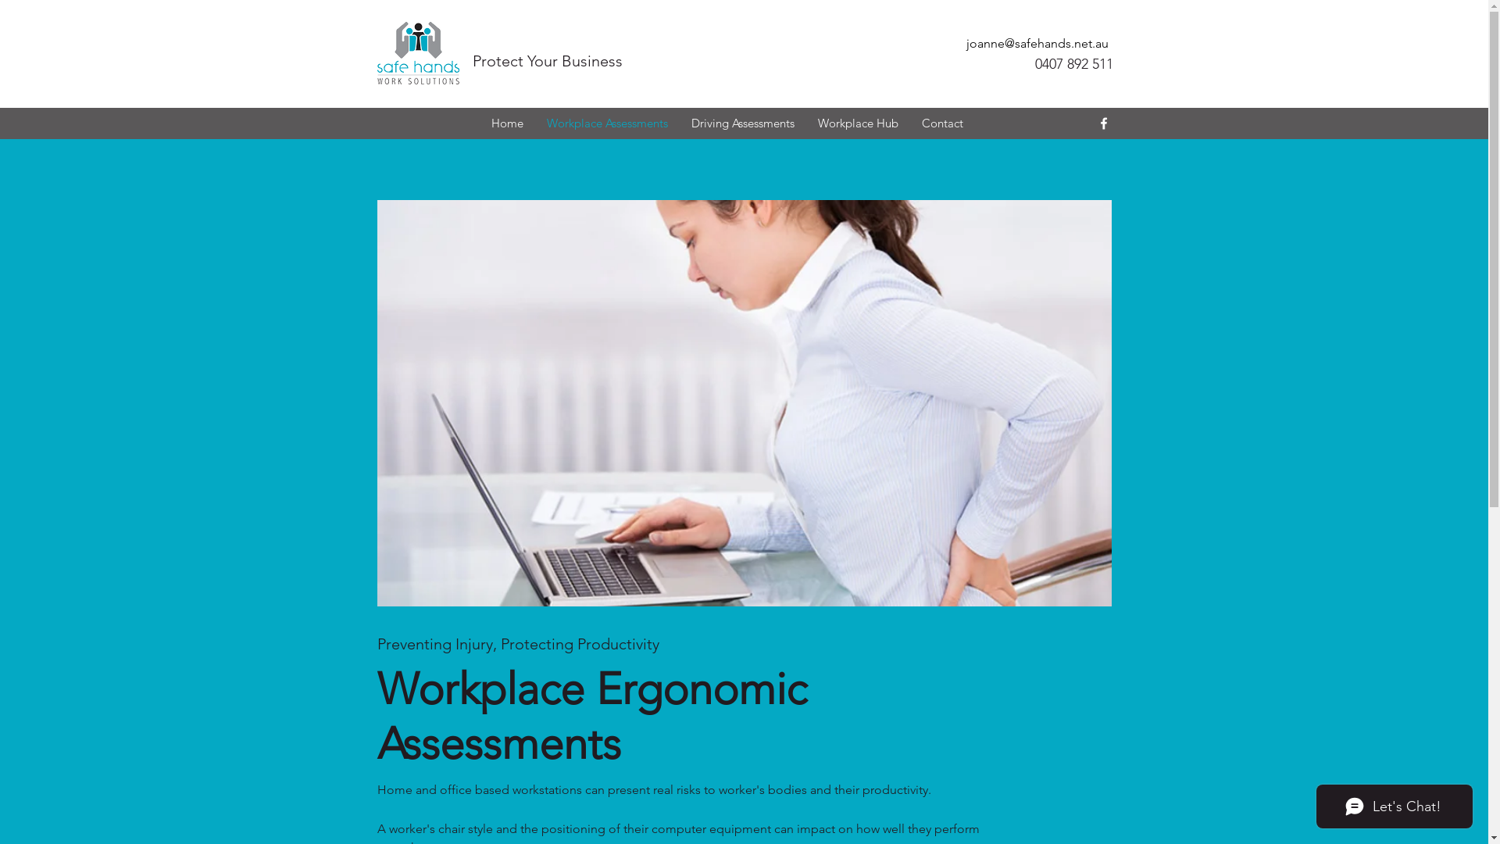  What do you see at coordinates (909, 123) in the screenshot?
I see `'Contact'` at bounding box center [909, 123].